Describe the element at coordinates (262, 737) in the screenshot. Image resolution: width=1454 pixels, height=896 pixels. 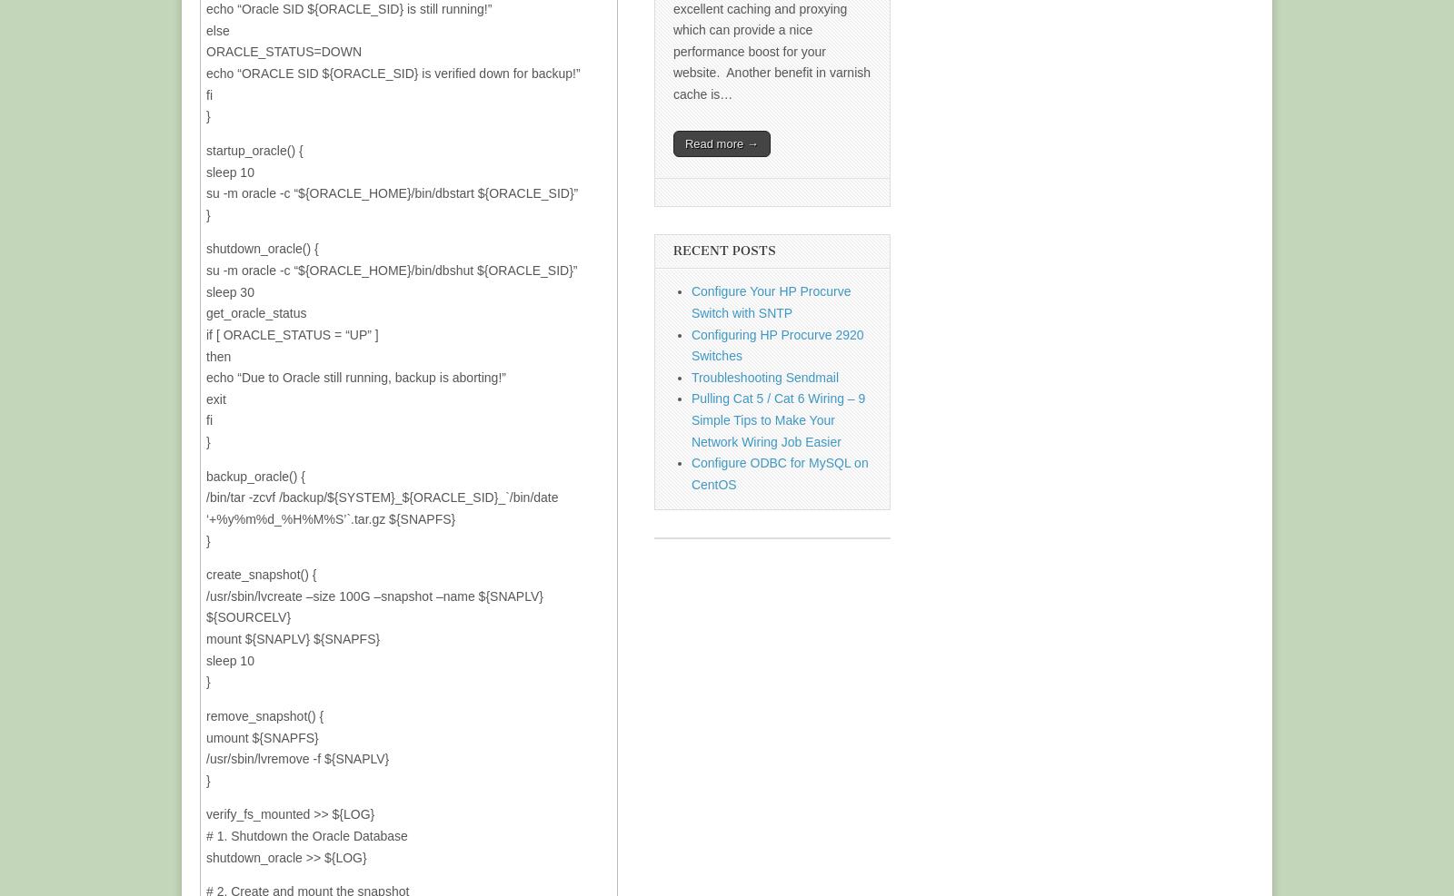
I see `'umount ${SNAPFS}'` at that location.